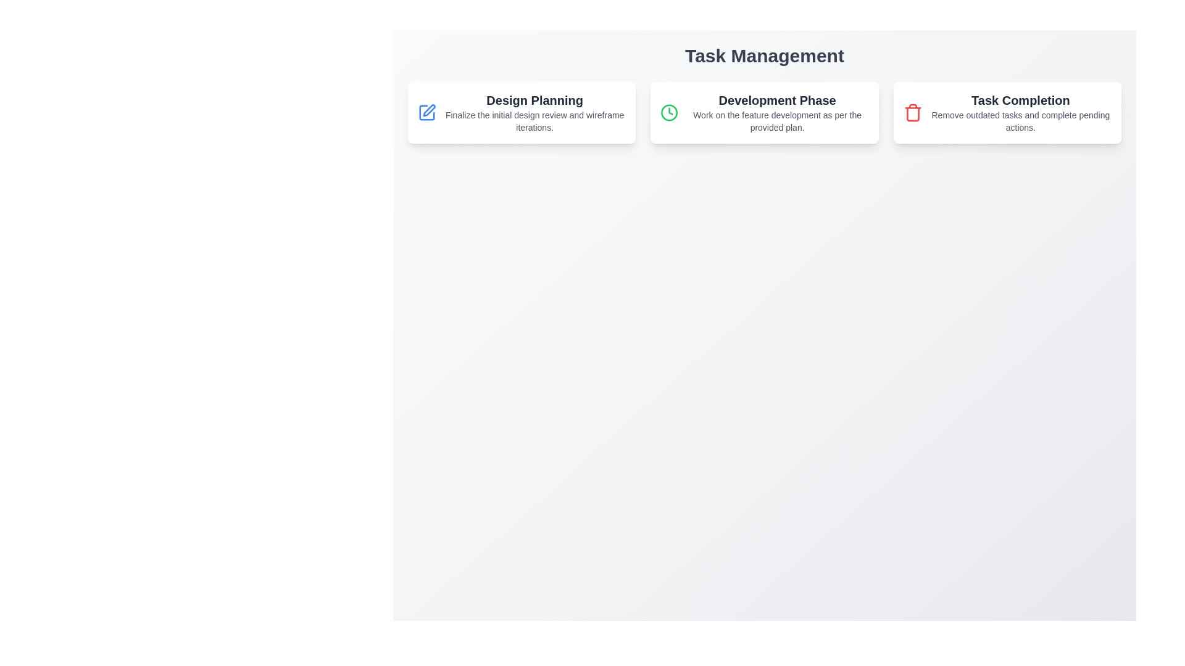 The width and height of the screenshot is (1185, 666). What do you see at coordinates (776, 99) in the screenshot?
I see `the Label or Heading that serves as a title or identifier for the content below it in the middle card of a three-card layout, positioned above its descriptive text and centrally aligned` at bounding box center [776, 99].